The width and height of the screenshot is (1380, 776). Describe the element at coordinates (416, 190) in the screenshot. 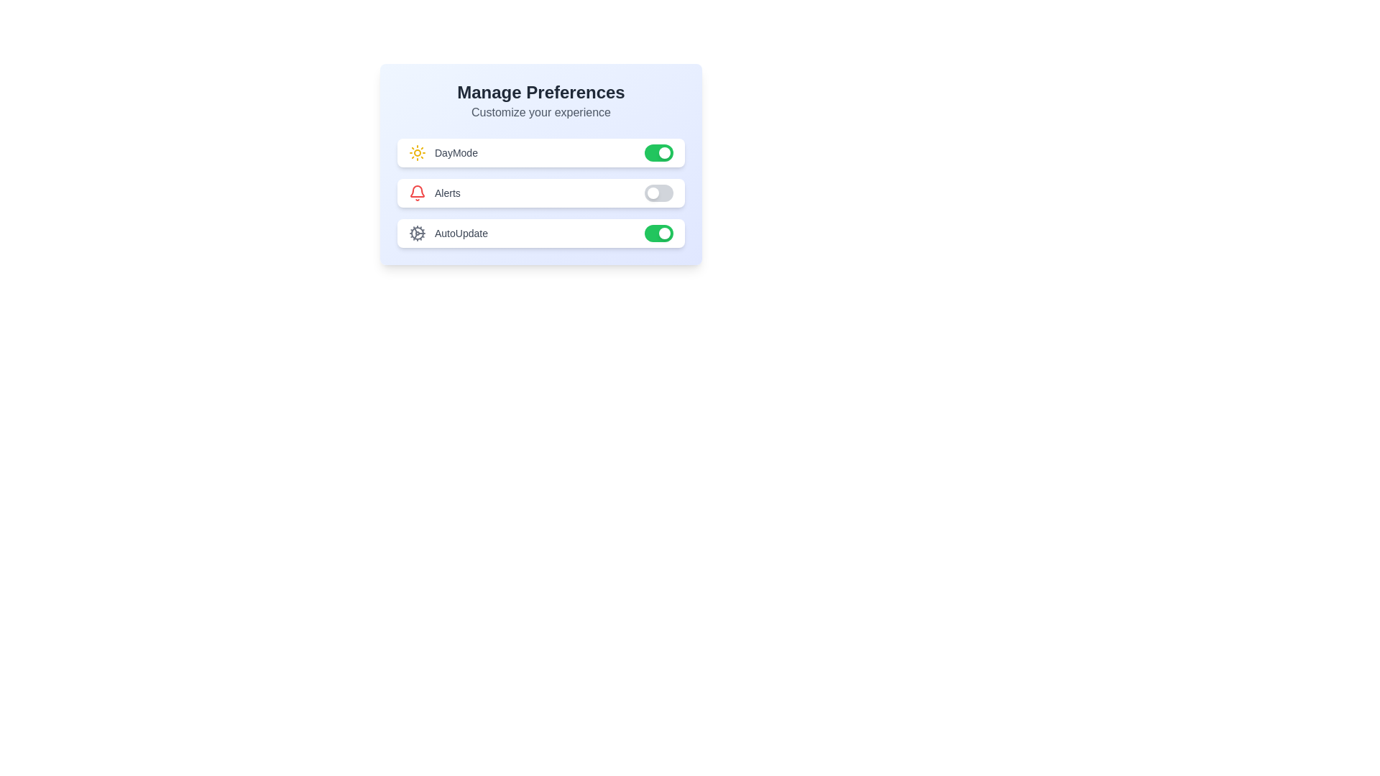

I see `the bell-shaped icon with a red fill color, located near the 'Alerts' toggle option in the preference setting interface` at that location.